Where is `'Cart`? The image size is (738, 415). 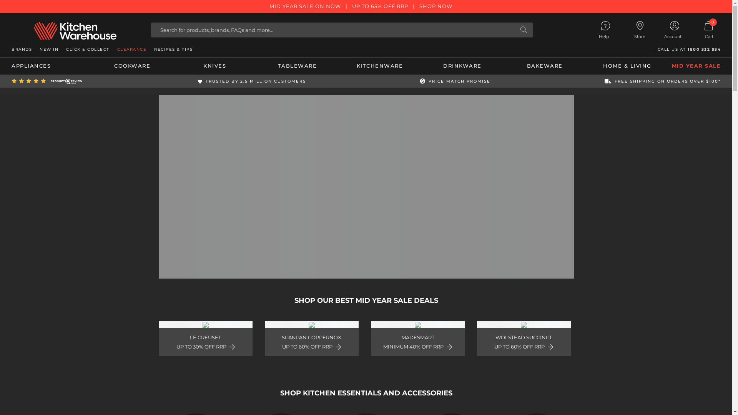
'Cart is located at coordinates (692, 30).